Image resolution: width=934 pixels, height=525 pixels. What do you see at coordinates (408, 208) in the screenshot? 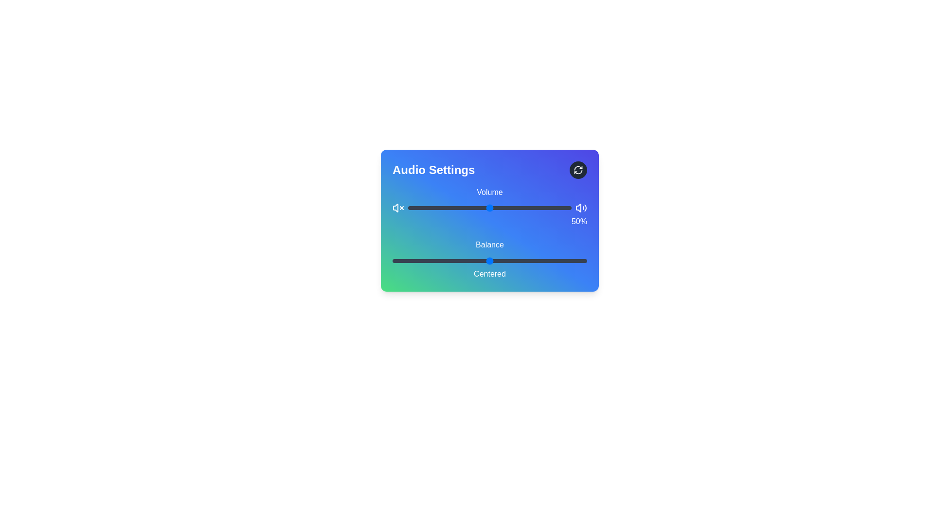
I see `the volume` at bounding box center [408, 208].